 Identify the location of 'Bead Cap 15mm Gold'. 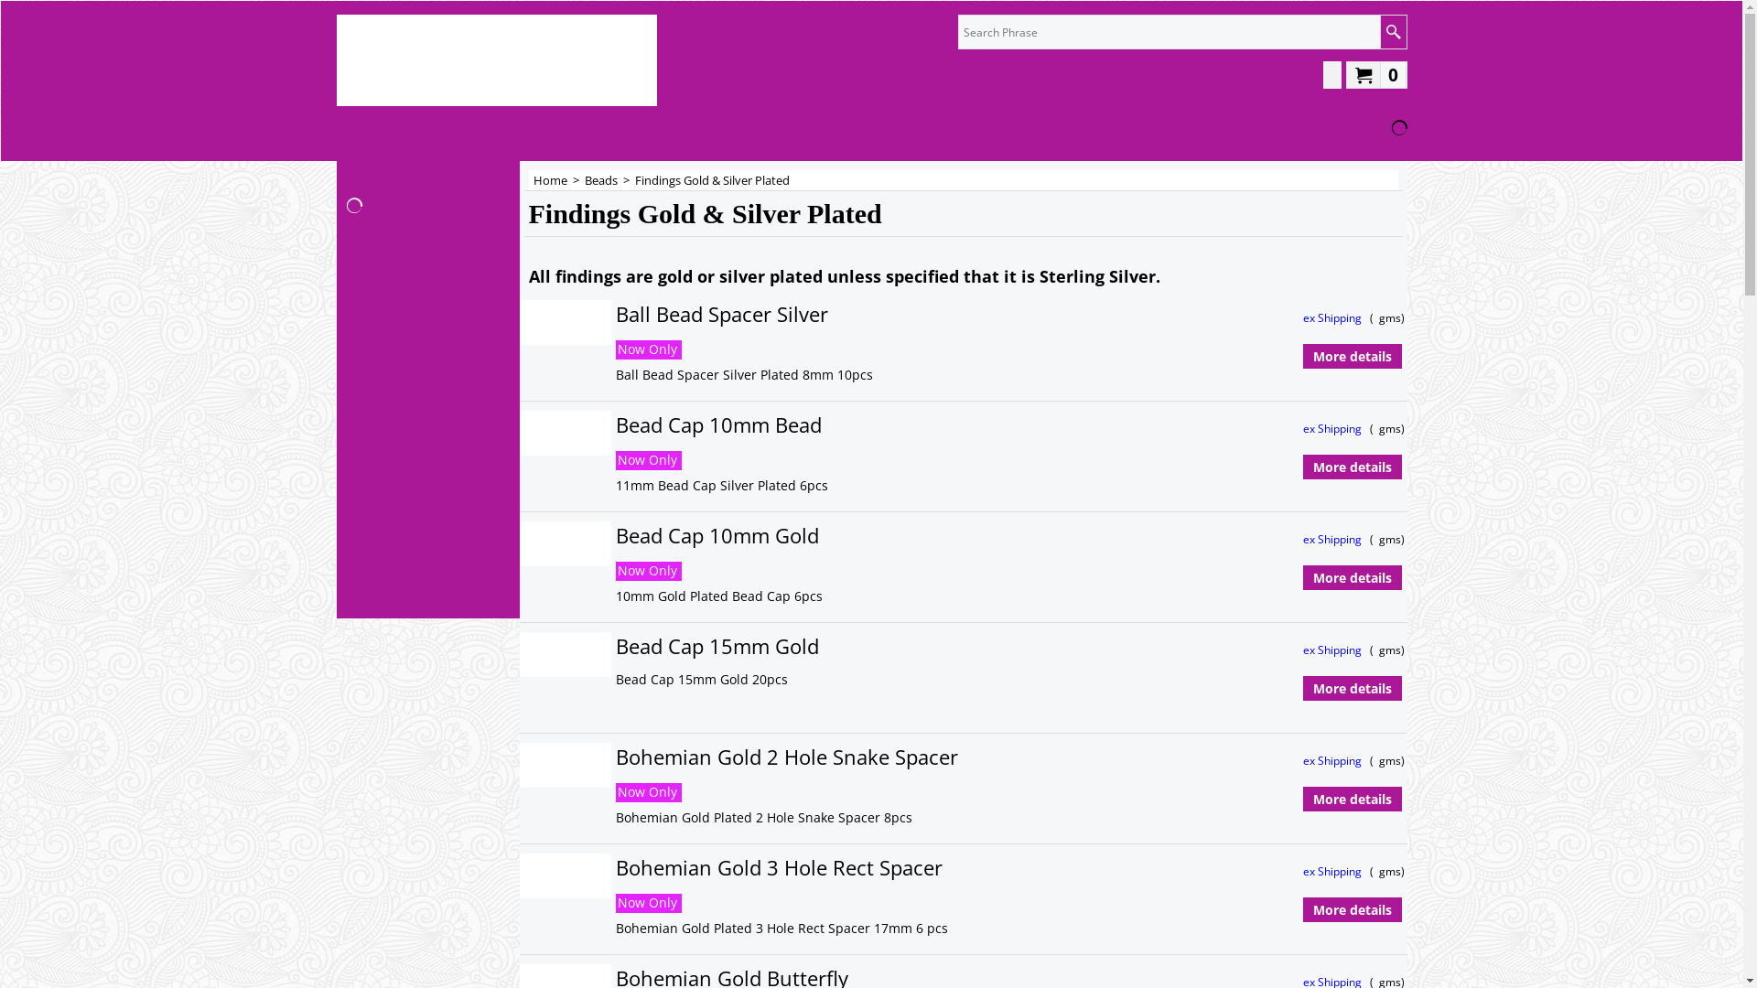
(871, 645).